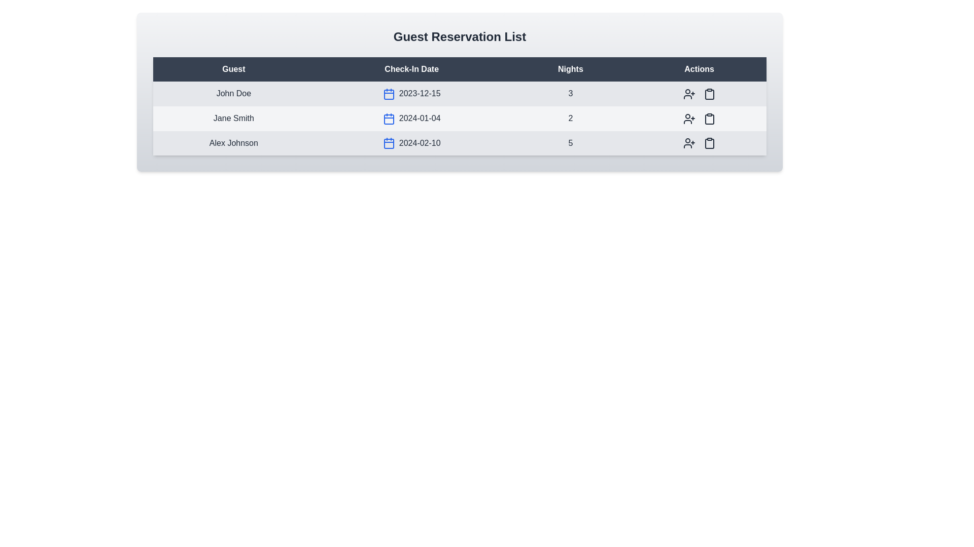  Describe the element at coordinates (233, 94) in the screenshot. I see `text label displaying the name of the guest in the first entry of the 'Guest' column in the reservation list table` at that location.